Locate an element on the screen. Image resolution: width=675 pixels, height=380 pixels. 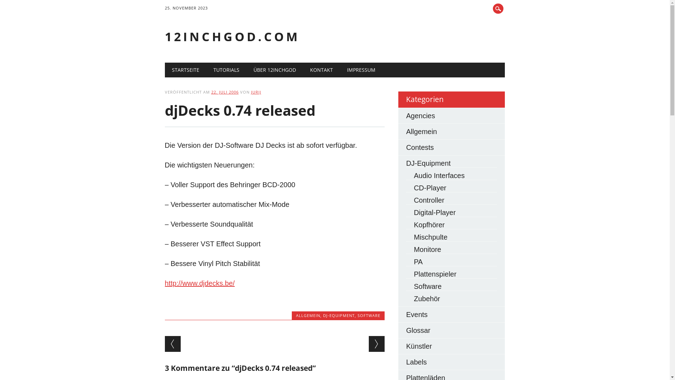
'Mischpulte' is located at coordinates (430, 237).